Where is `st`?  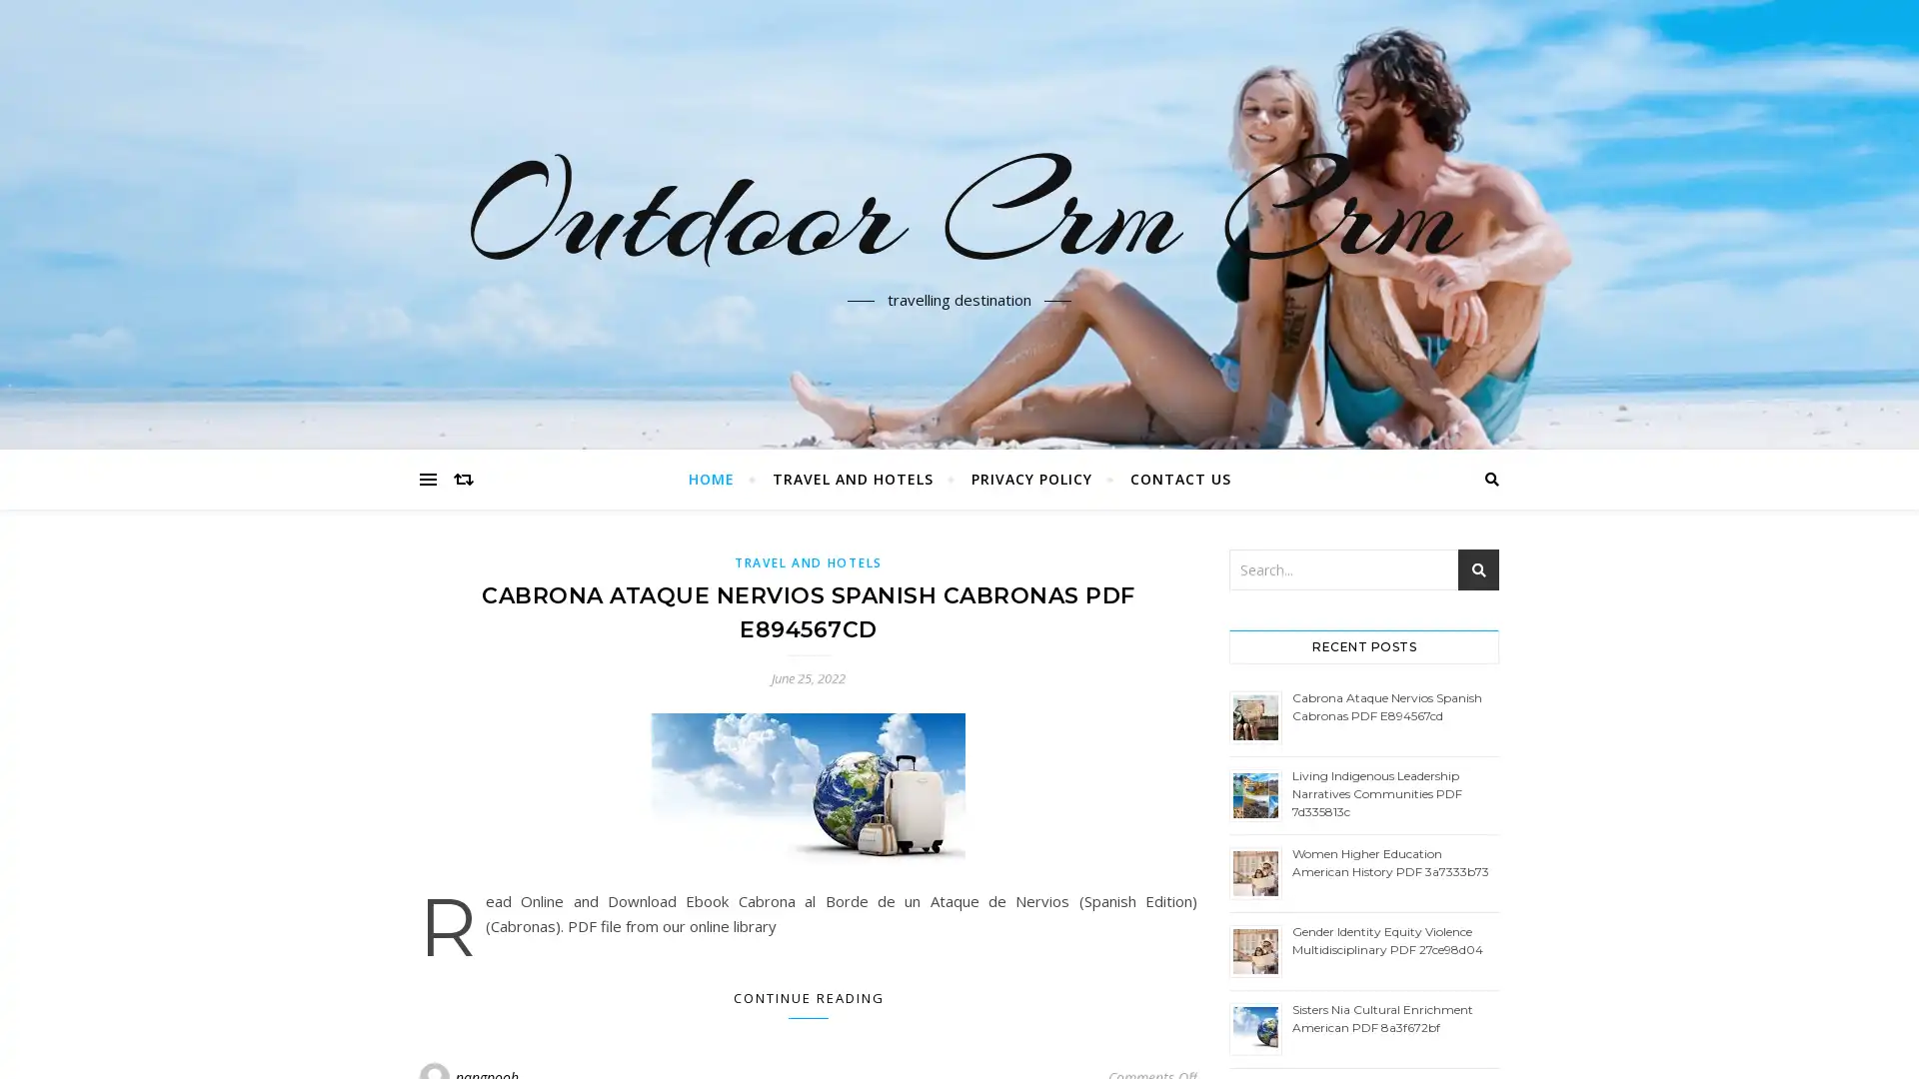
st is located at coordinates (1478, 569).